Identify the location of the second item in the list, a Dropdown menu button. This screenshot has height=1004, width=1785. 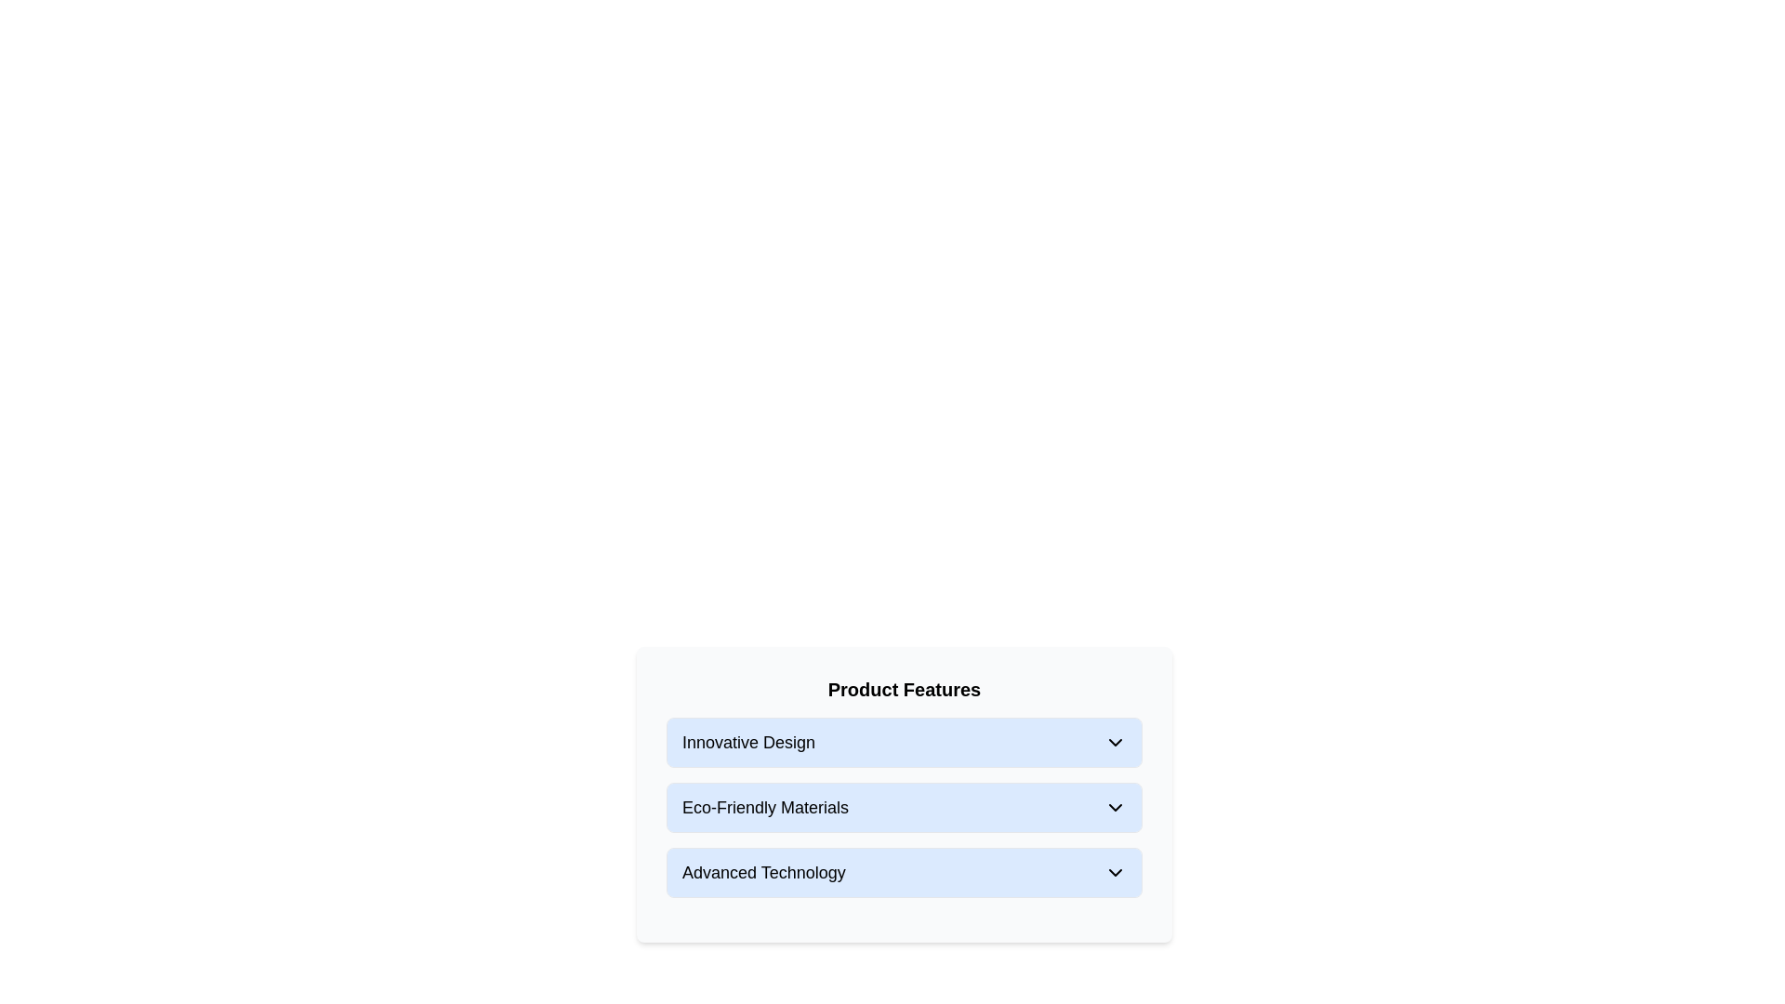
(905, 806).